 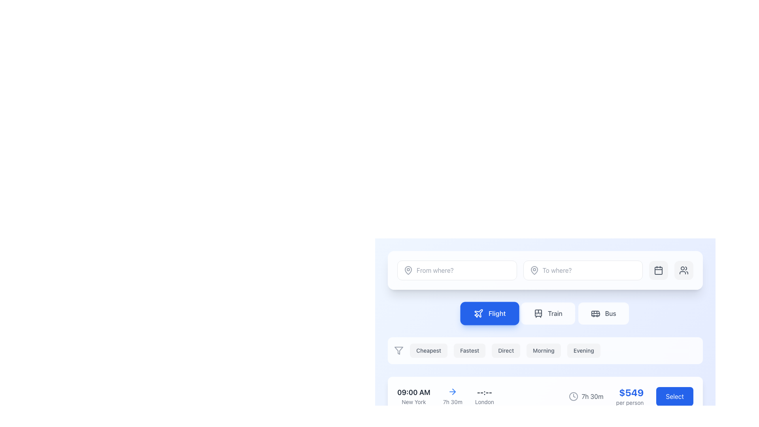 I want to click on the text label indicating unavailability of time information, which is positioned directly above the text 'London' in the booking interface, so click(x=484, y=392).